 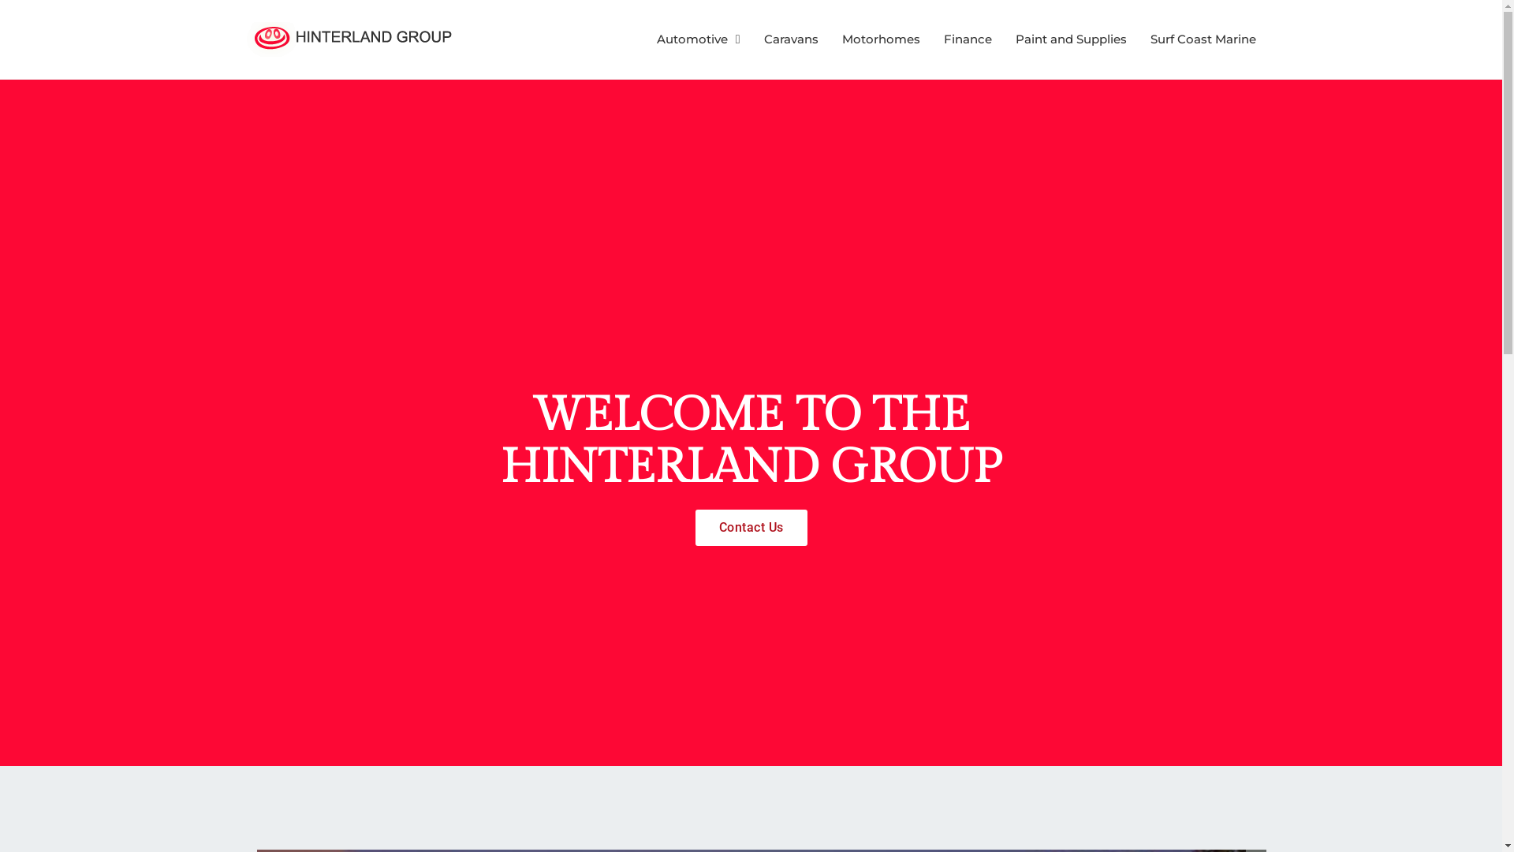 What do you see at coordinates (966, 39) in the screenshot?
I see `'Finance'` at bounding box center [966, 39].